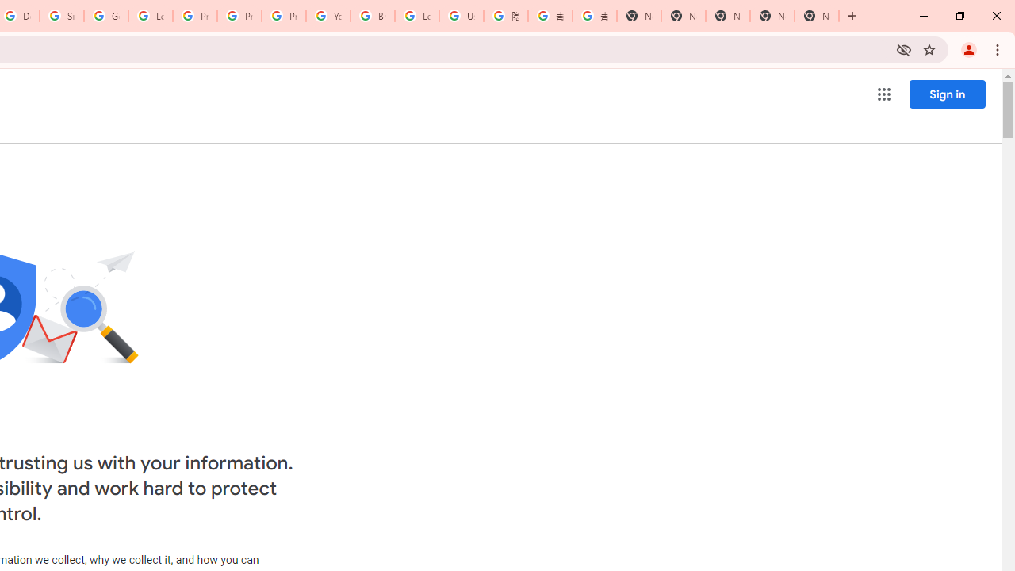 The image size is (1015, 571). I want to click on 'YouTube', so click(327, 16).